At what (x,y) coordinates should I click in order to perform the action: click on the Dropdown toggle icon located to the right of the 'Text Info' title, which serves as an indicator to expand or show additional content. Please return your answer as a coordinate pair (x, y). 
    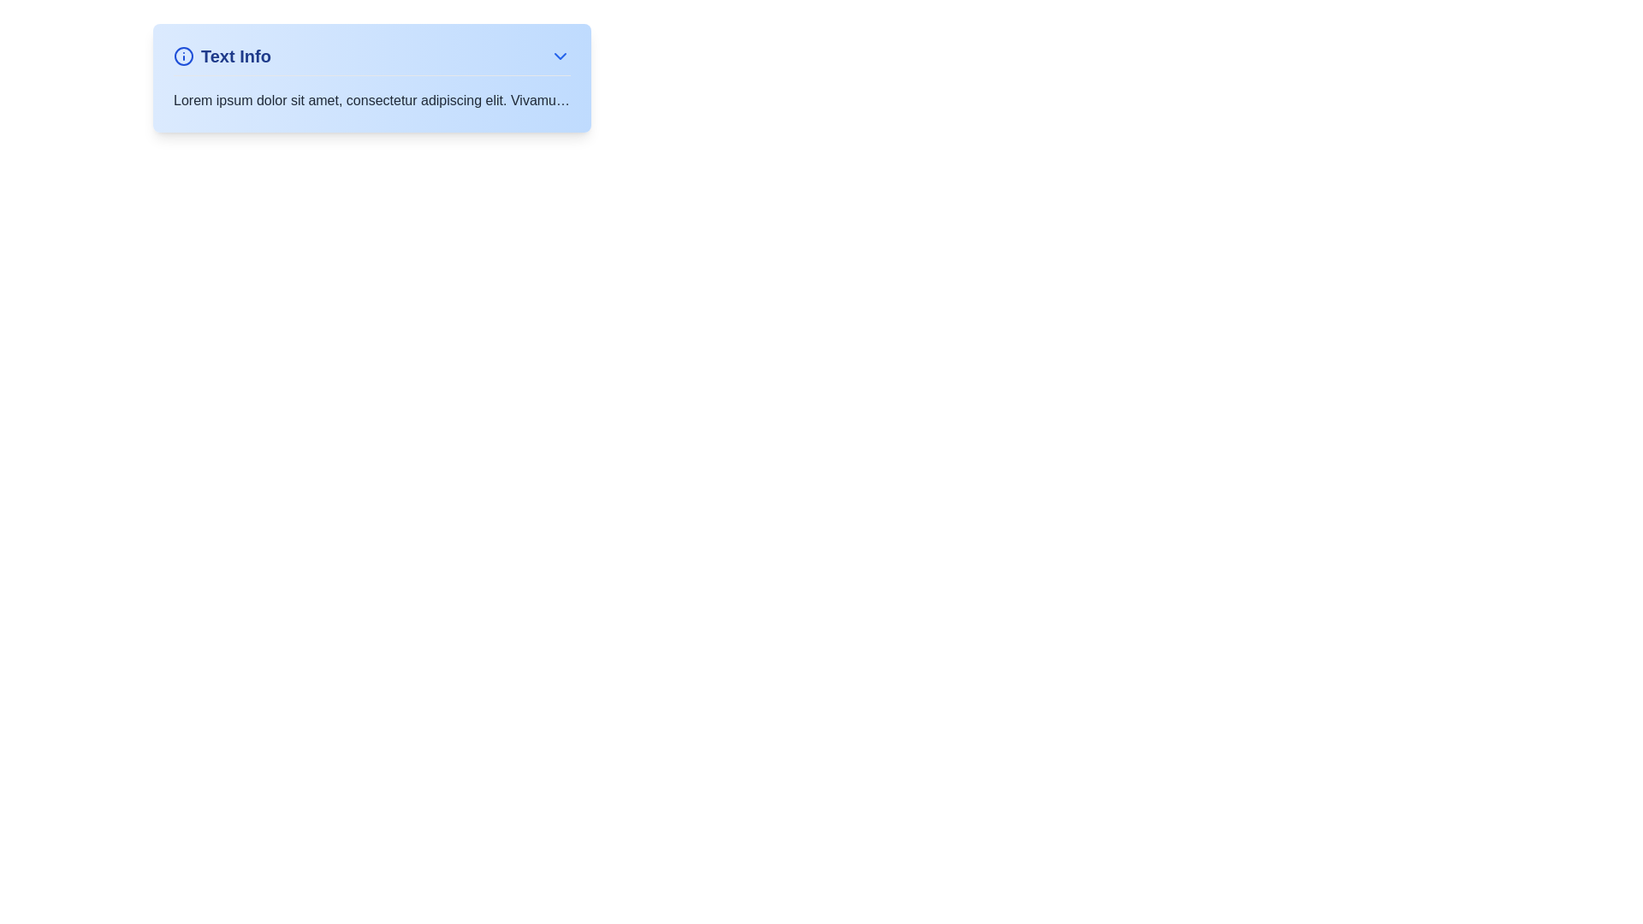
    Looking at the image, I should click on (560, 55).